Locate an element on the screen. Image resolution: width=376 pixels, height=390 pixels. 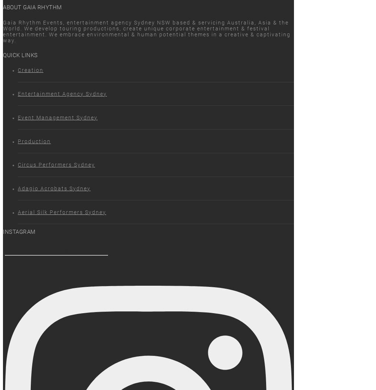
'Aerial Silk Performers Sydney' is located at coordinates (62, 212).